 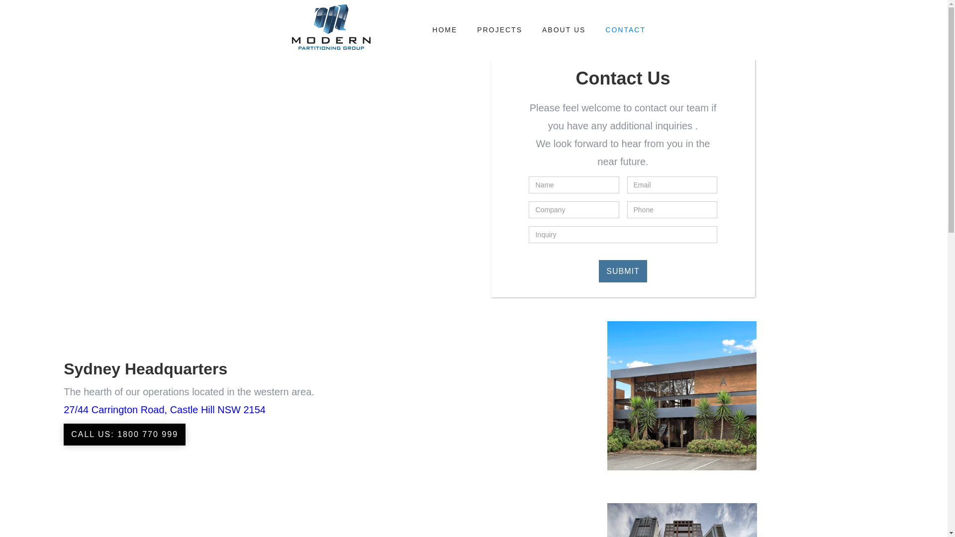 What do you see at coordinates (564, 29) in the screenshot?
I see `'ABOUT US'` at bounding box center [564, 29].